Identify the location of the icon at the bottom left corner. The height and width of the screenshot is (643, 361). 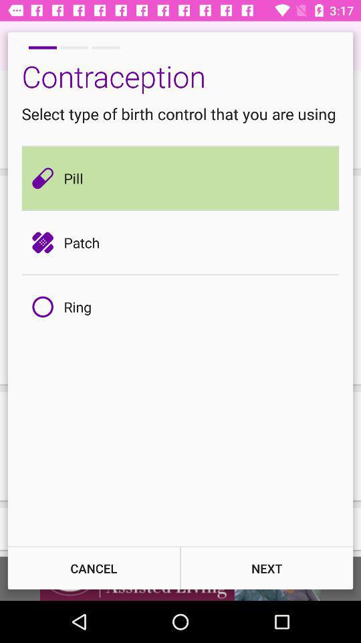
(93, 567).